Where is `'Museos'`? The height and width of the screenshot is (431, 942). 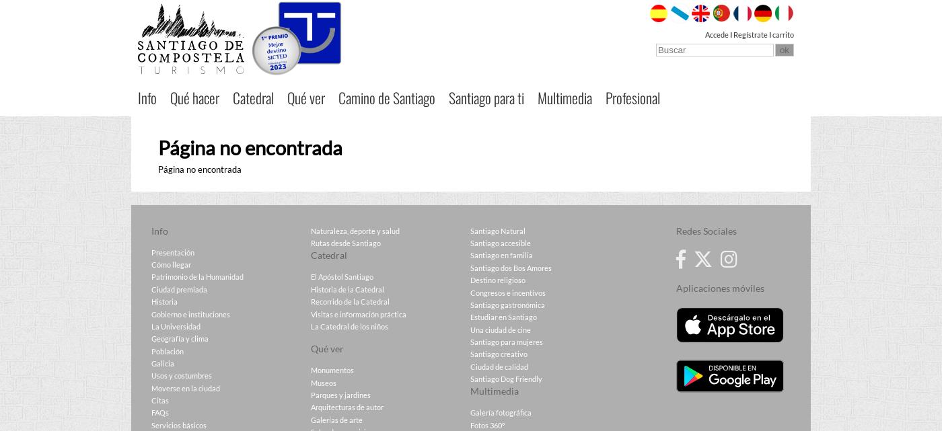 'Museos' is located at coordinates (324, 381).